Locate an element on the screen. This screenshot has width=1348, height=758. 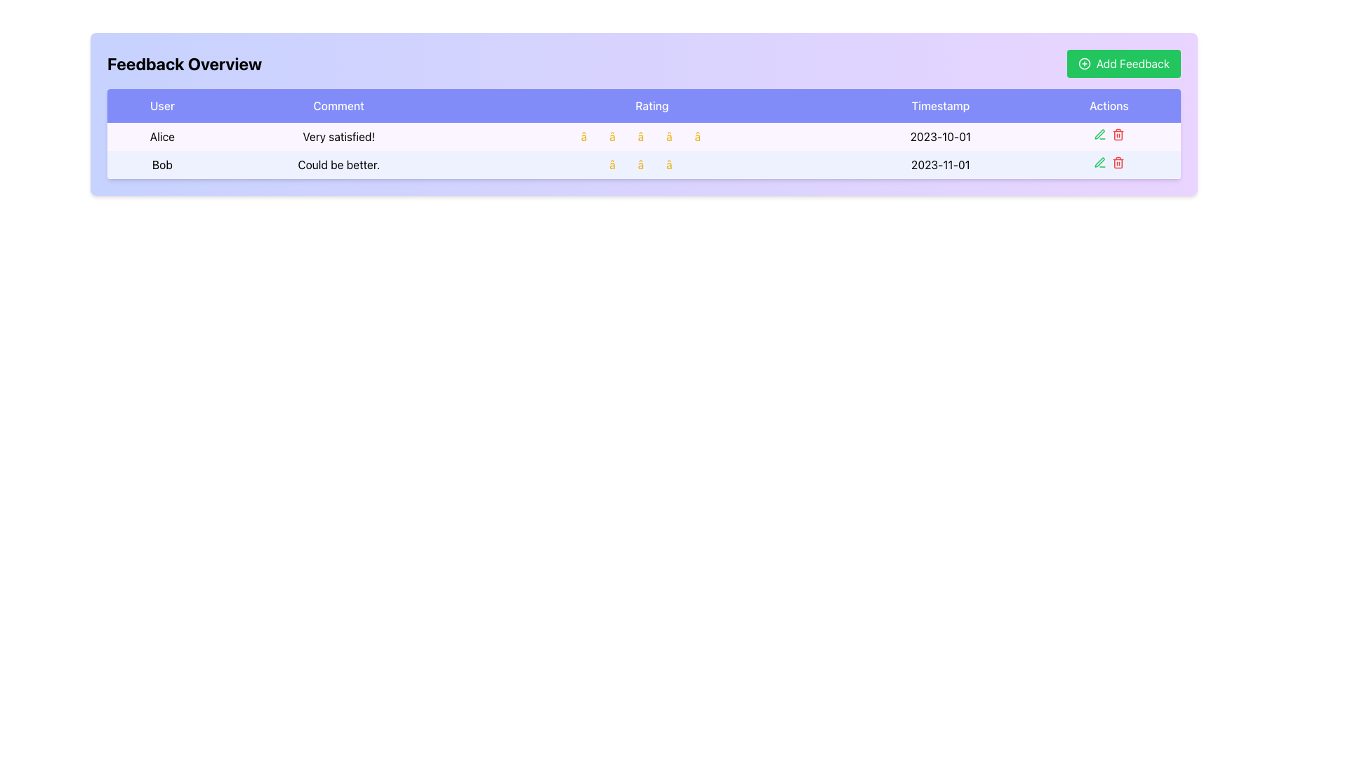
text from the label that says 'Alice' in black, located in the first cell under the 'User' column of the feedback table in the 'Feedback Overview' card is located at coordinates (162, 137).